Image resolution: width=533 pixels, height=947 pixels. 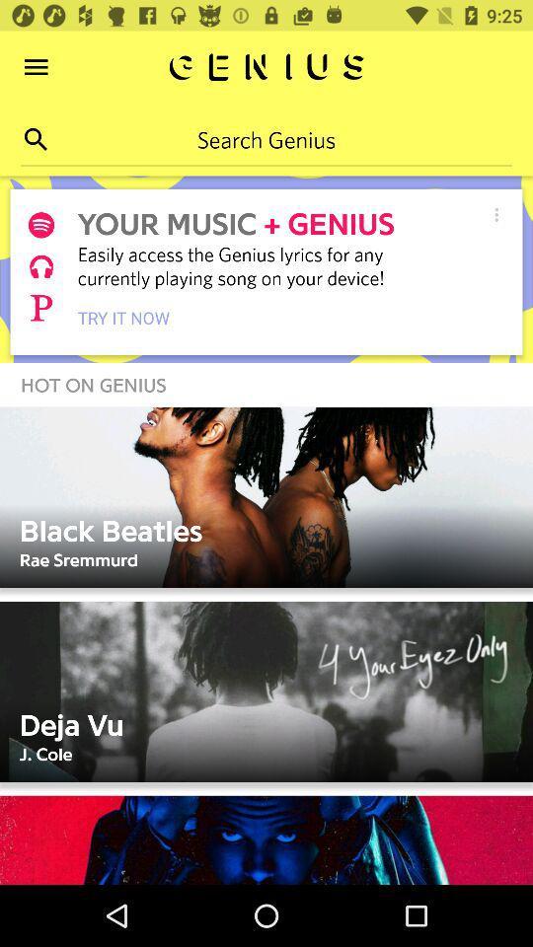 I want to click on icon at the top right corner, so click(x=495, y=214).